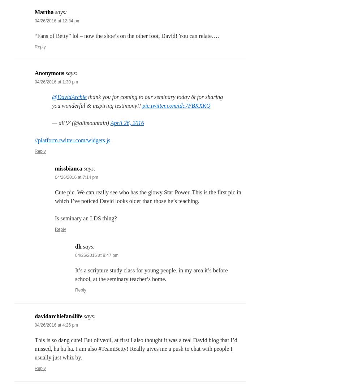 This screenshot has height=388, width=354. Describe the element at coordinates (97, 255) in the screenshot. I see `'04/26/2016 at 9:47 pm'` at that location.